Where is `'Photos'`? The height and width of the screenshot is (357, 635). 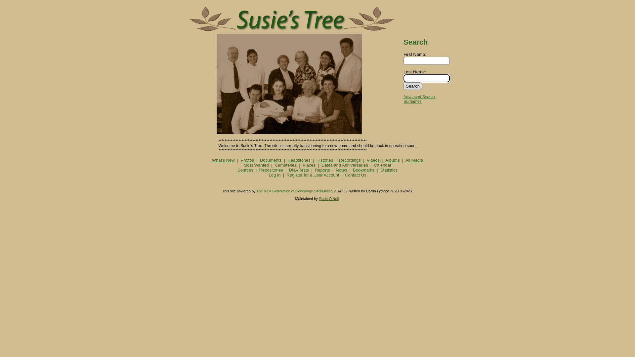 'Photos' is located at coordinates (247, 160).